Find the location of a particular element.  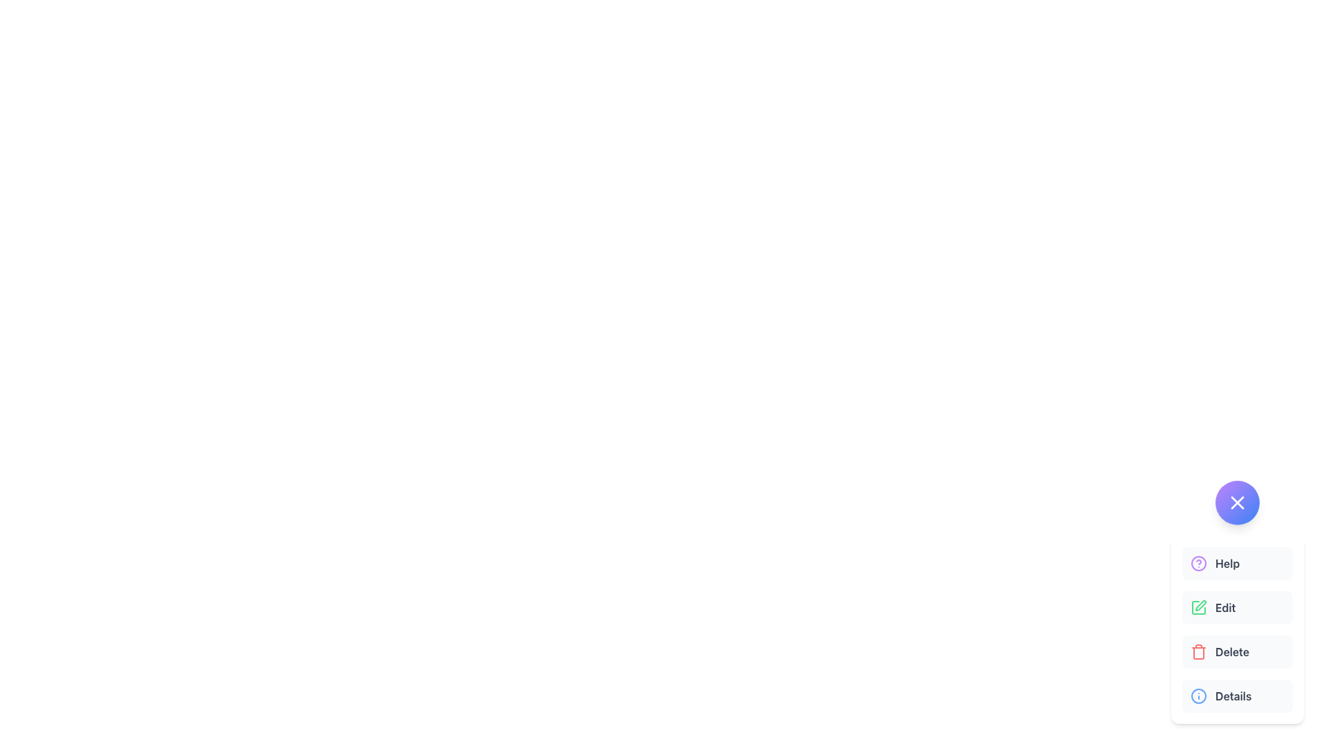

the delete icon located on the left side of the 'Delete' label in the third item of the vertically stacked menu is located at coordinates (1198, 652).